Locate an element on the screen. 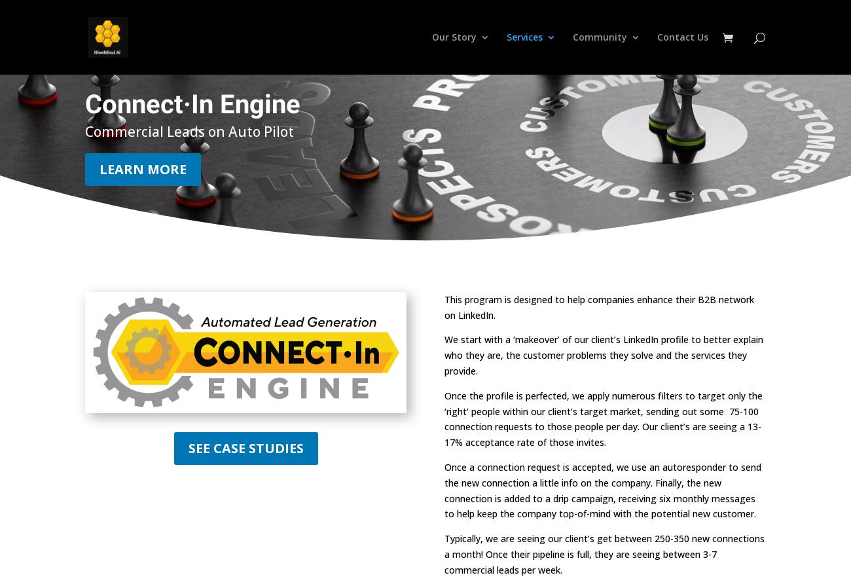  'Reputation Management' is located at coordinates (564, 137).